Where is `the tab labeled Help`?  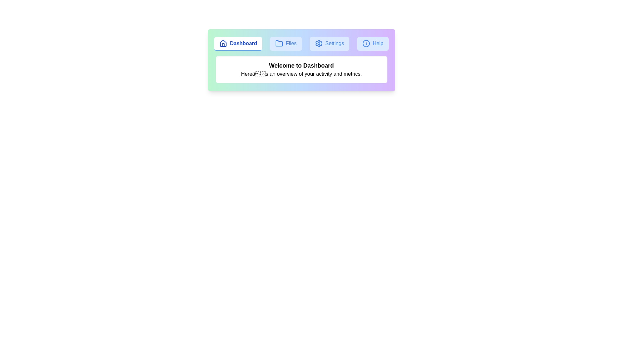 the tab labeled Help is located at coordinates (373, 44).